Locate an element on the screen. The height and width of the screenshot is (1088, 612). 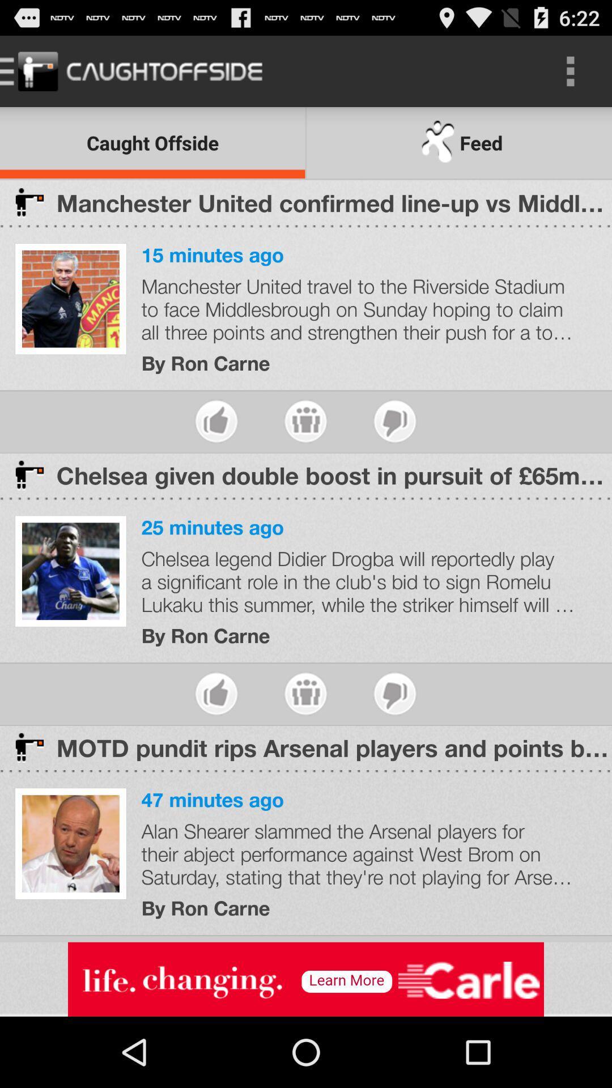
share article is located at coordinates (305, 420).